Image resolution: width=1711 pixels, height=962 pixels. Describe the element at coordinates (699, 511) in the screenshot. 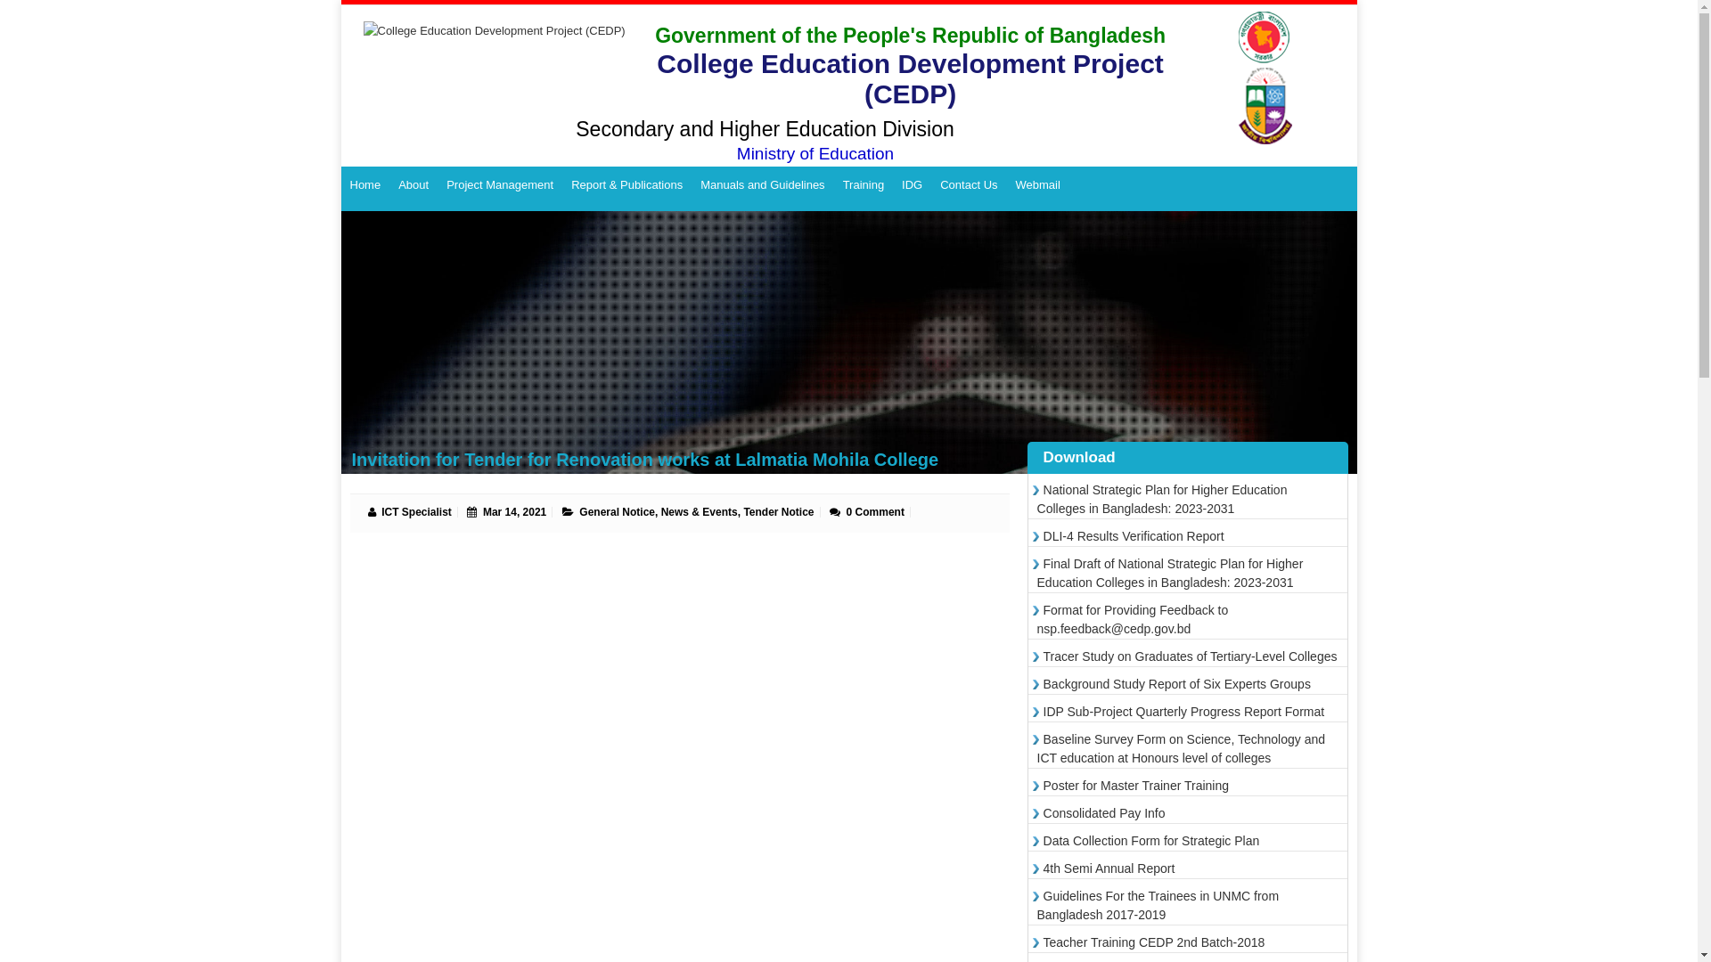

I see `'News & Events'` at that location.